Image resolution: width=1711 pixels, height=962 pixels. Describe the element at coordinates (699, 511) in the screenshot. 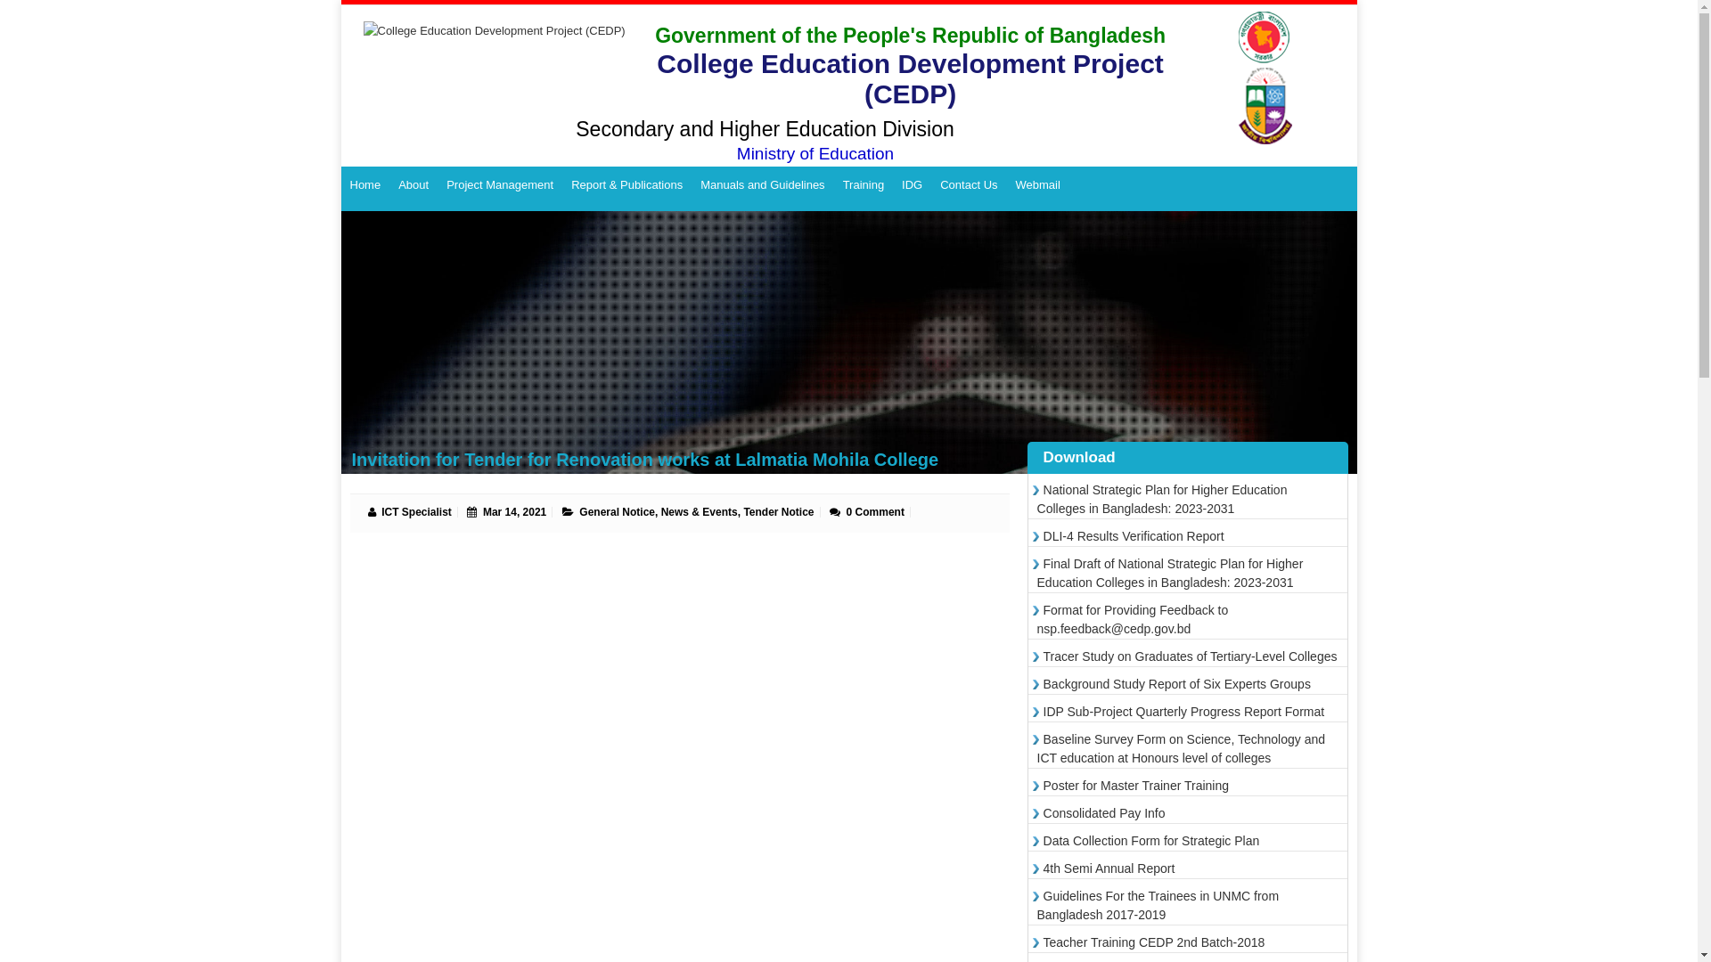

I see `'News & Events'` at that location.